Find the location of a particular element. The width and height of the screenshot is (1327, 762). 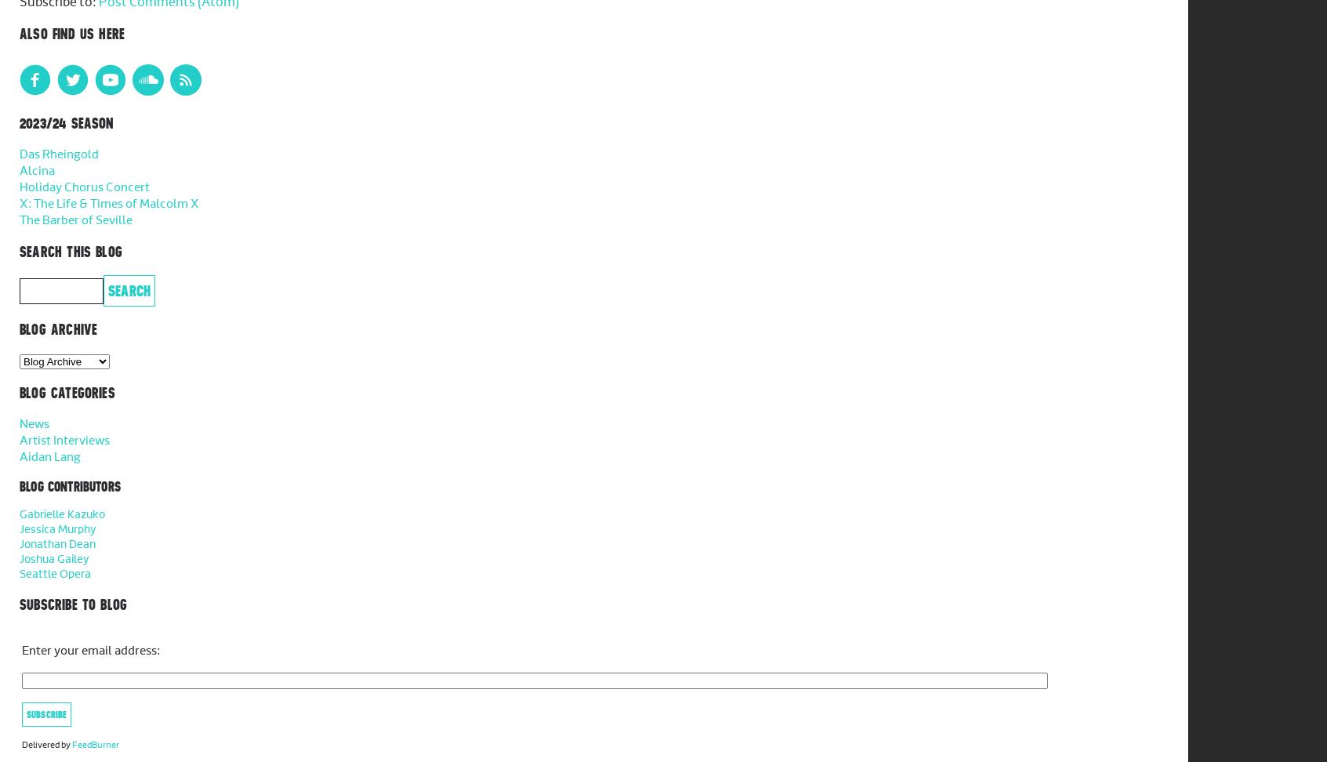

'Alcina' is located at coordinates (36, 170).